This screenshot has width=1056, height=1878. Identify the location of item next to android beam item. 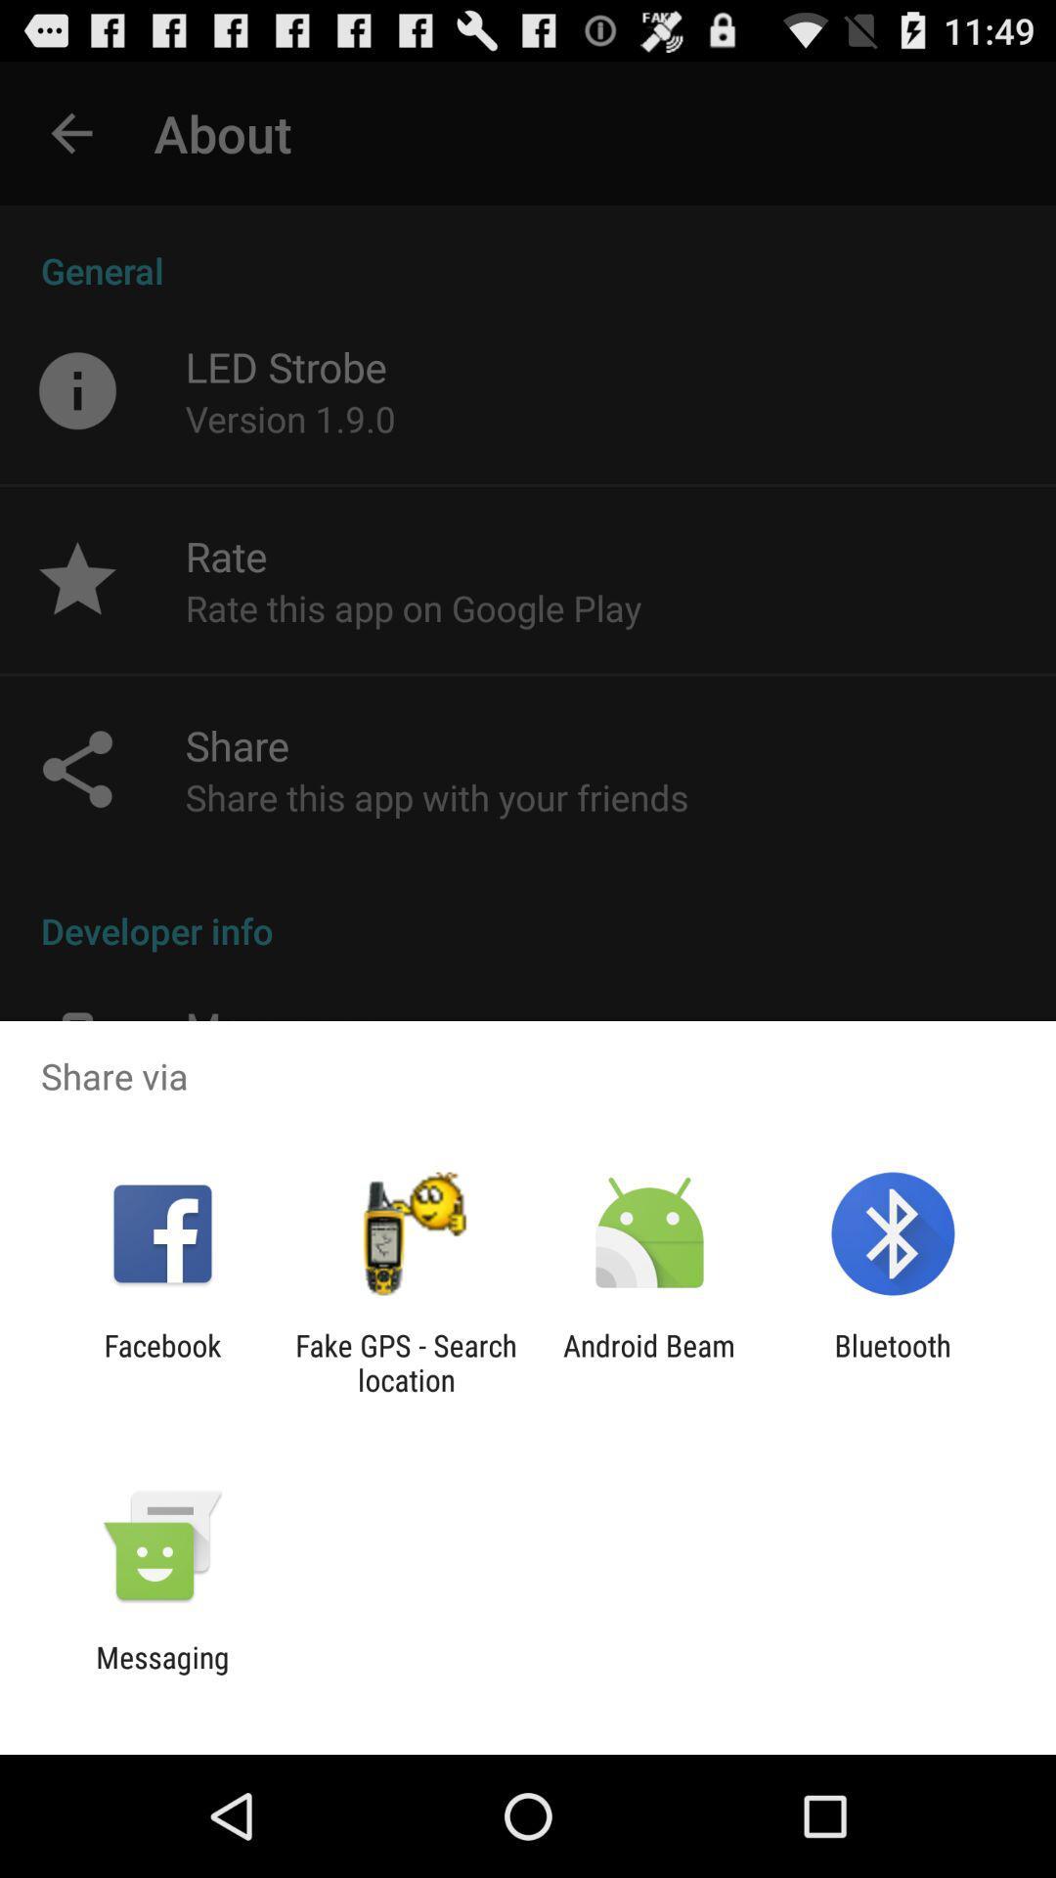
(405, 1362).